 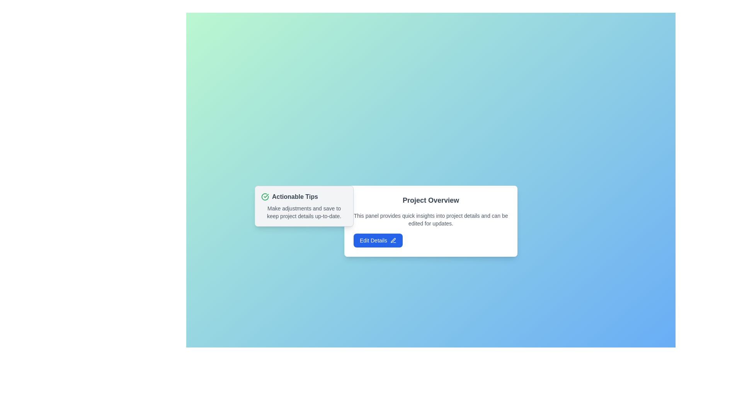 What do you see at coordinates (393, 240) in the screenshot?
I see `the pen icon located inside the 'Edit Details' button, positioned to the right within the button` at bounding box center [393, 240].